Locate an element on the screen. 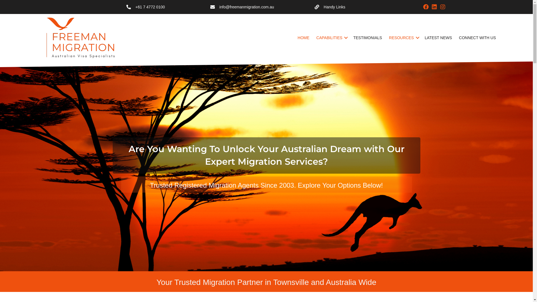  'info@freemanmigration.com.au' is located at coordinates (246, 7).